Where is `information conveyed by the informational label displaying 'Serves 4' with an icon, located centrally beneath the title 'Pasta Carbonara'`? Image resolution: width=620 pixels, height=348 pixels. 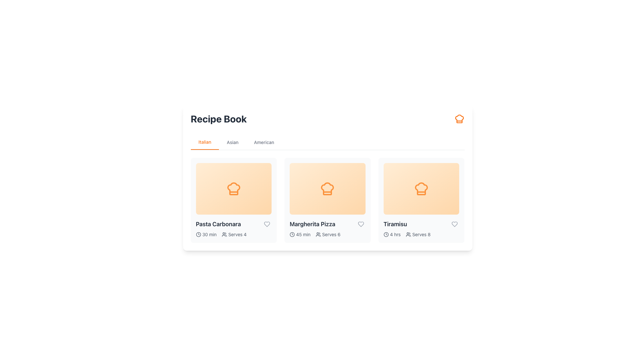 information conveyed by the informational label displaying 'Serves 4' with an icon, located centrally beneath the title 'Pasta Carbonara' is located at coordinates (234, 235).